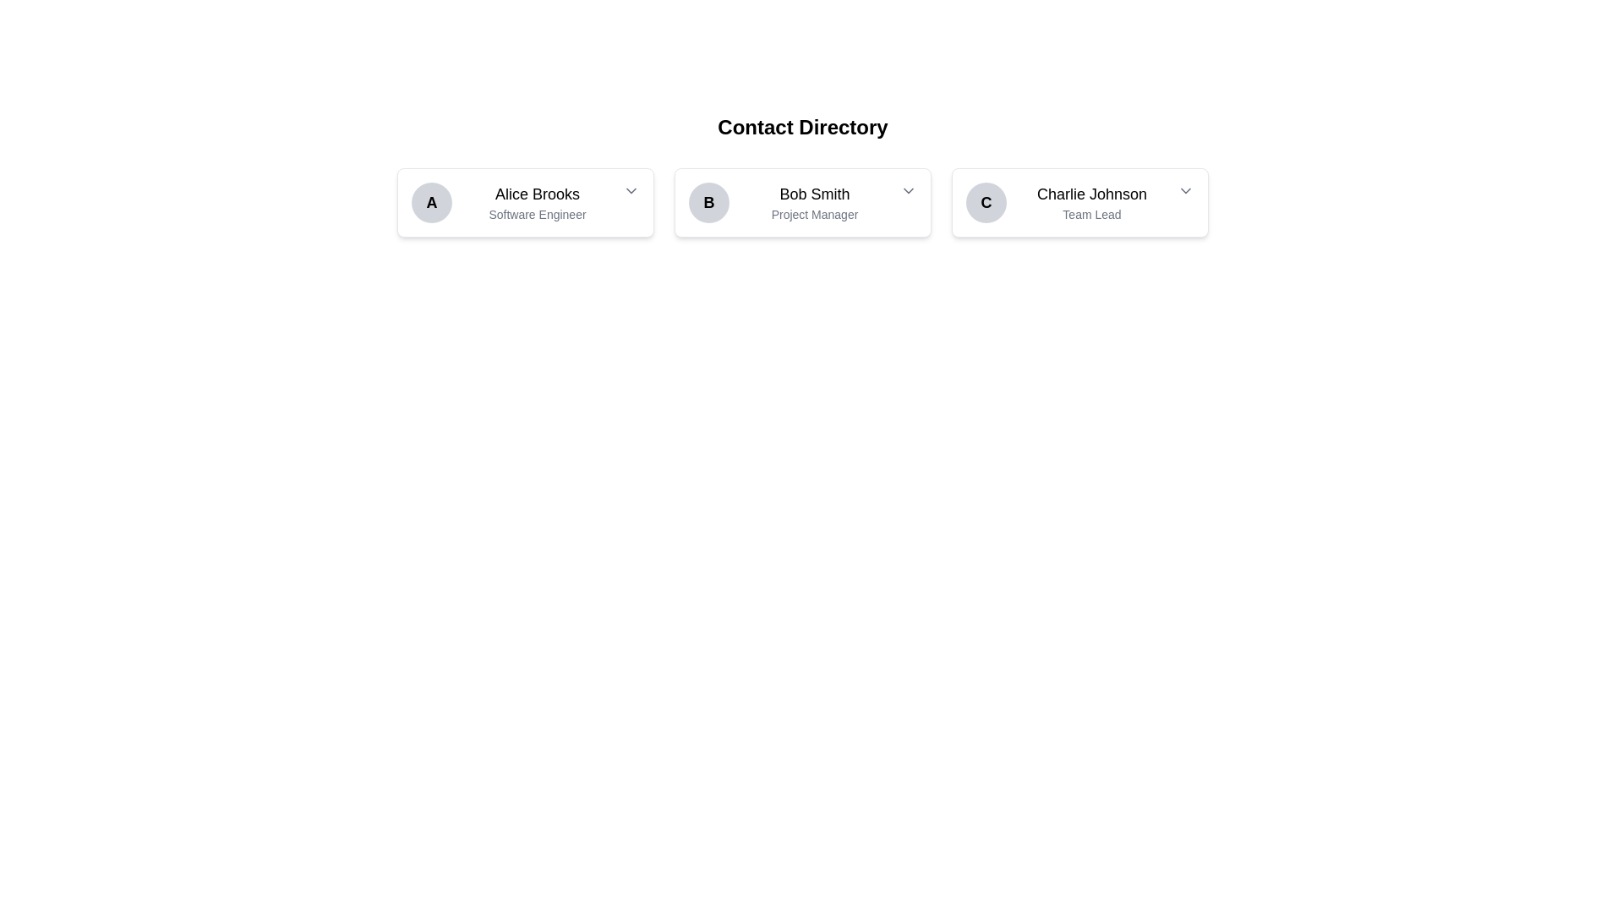 The width and height of the screenshot is (1623, 913). What do you see at coordinates (536, 201) in the screenshot?
I see `the text label displaying the name 'Alice Brooks' and job title 'Software Engineer' located in the leftmost contact card, beneath the round badge labeled 'A'` at bounding box center [536, 201].